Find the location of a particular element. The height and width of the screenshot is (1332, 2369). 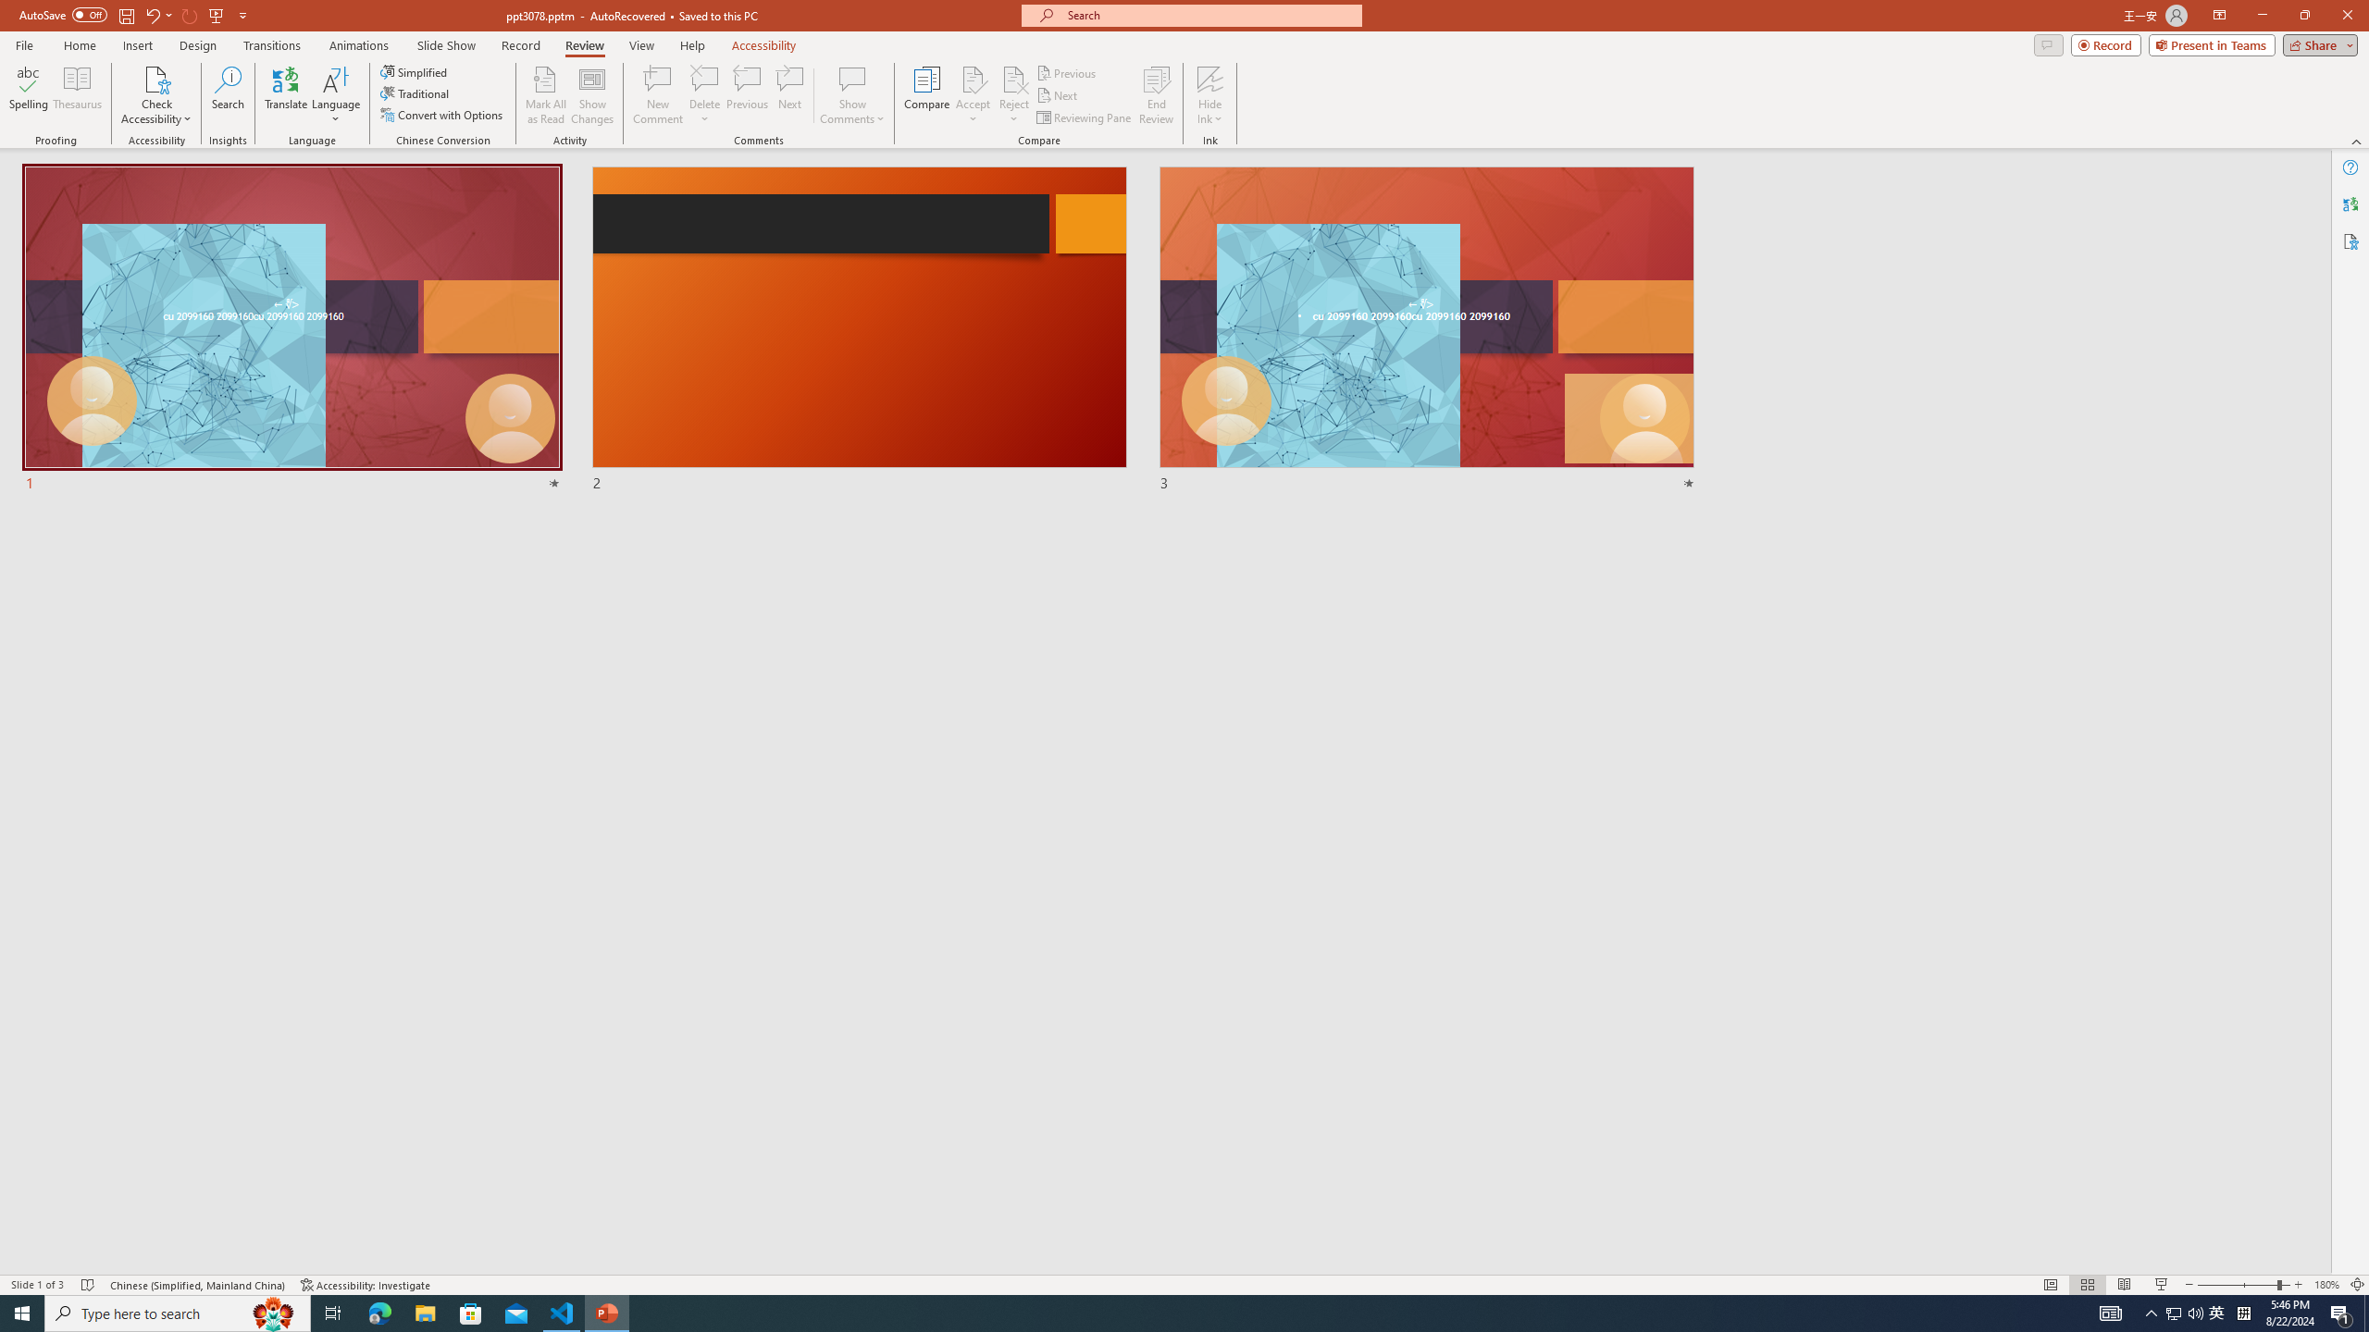

'New Comment' is located at coordinates (656, 95).